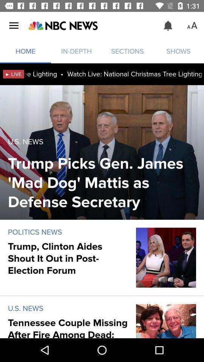  I want to click on the font icon, so click(192, 26).